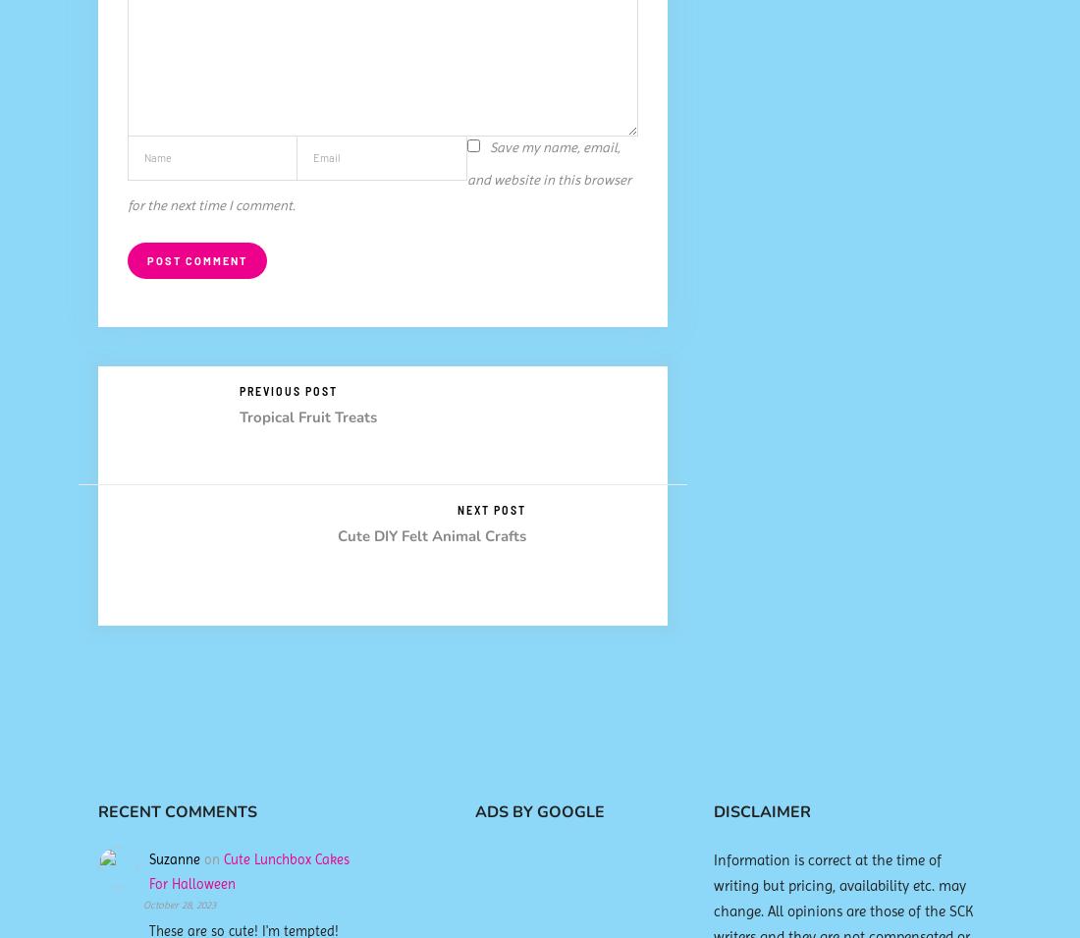 The image size is (1080, 938). Describe the element at coordinates (248, 870) in the screenshot. I see `'Cute Lunchbox Cakes For Halloween'` at that location.